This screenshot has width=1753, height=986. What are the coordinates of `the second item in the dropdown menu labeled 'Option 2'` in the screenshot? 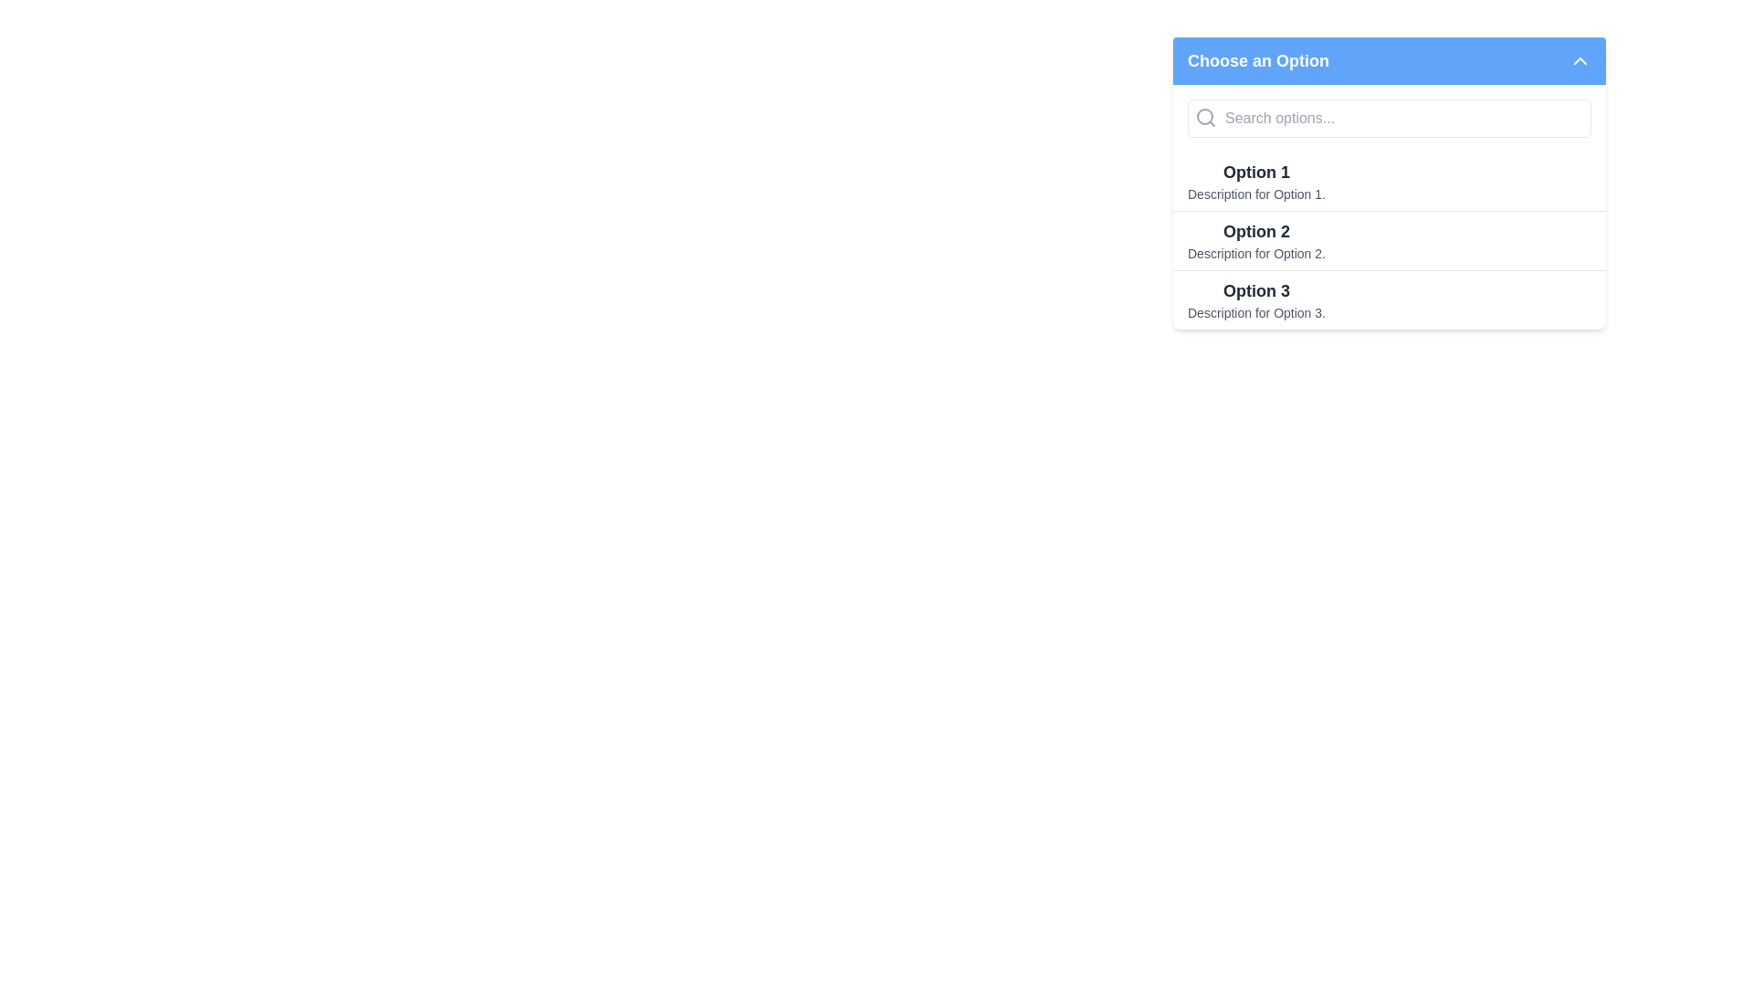 It's located at (1255, 239).